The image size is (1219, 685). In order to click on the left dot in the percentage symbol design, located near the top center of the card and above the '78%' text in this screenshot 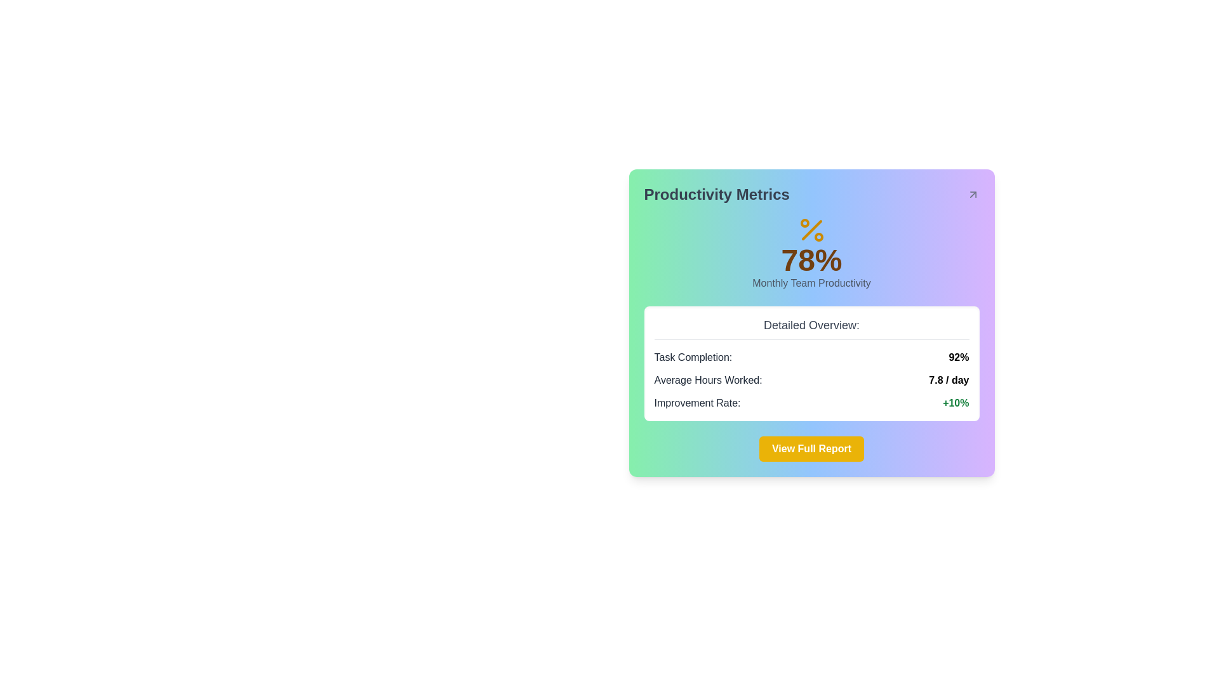, I will do `click(804, 222)`.